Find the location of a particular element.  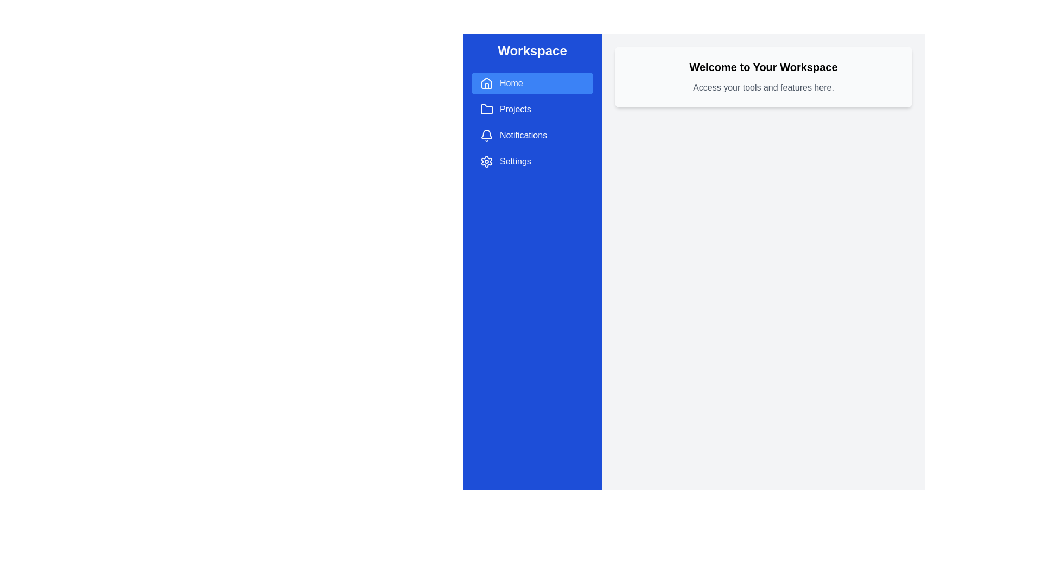

the 'Projects' navigation button located in the vertical menu of the sidebar, positioned between the 'Home' and 'Notifications' buttons is located at coordinates (532, 109).